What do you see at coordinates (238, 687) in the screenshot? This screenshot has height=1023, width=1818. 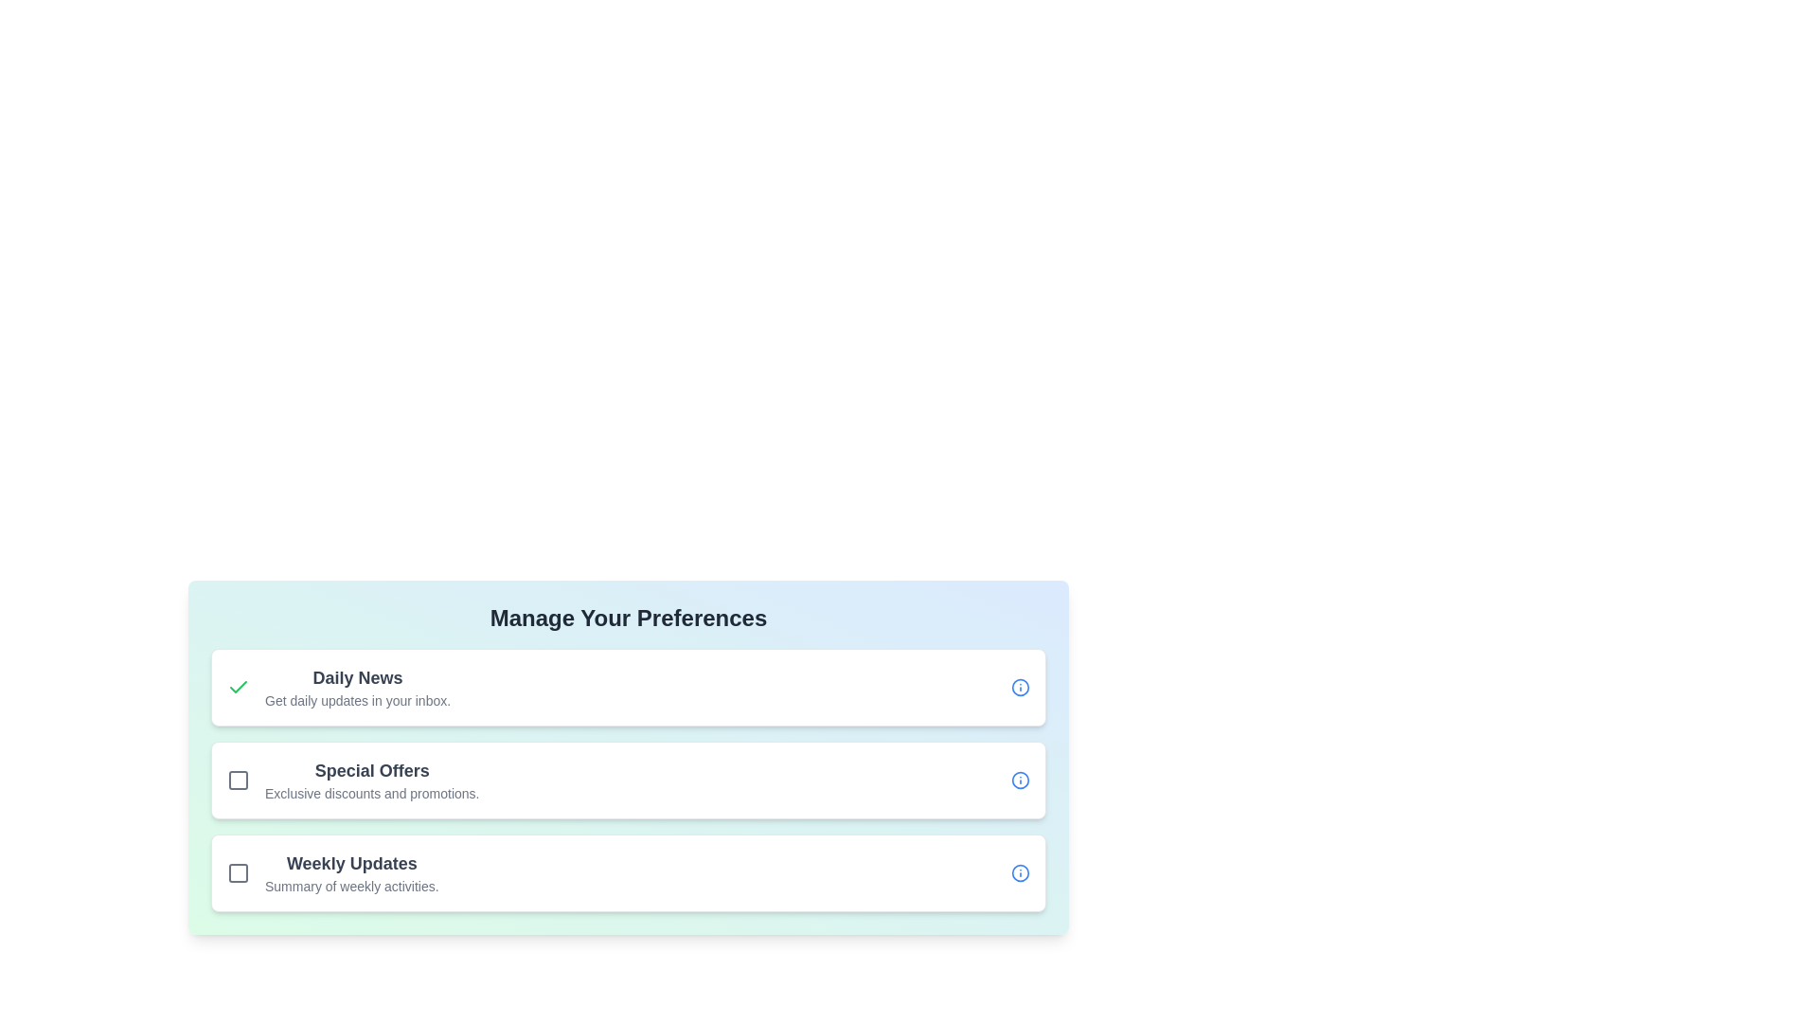 I see `the checkmark icon indicating that the associated checkbox for the 'Daily News' subscription option is selected` at bounding box center [238, 687].